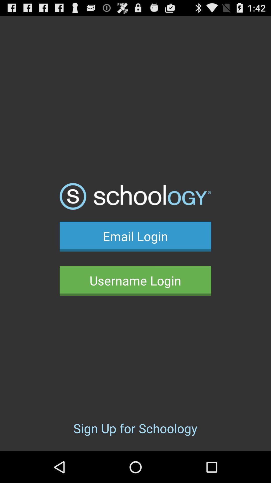  What do you see at coordinates (135, 280) in the screenshot?
I see `the username login icon` at bounding box center [135, 280].